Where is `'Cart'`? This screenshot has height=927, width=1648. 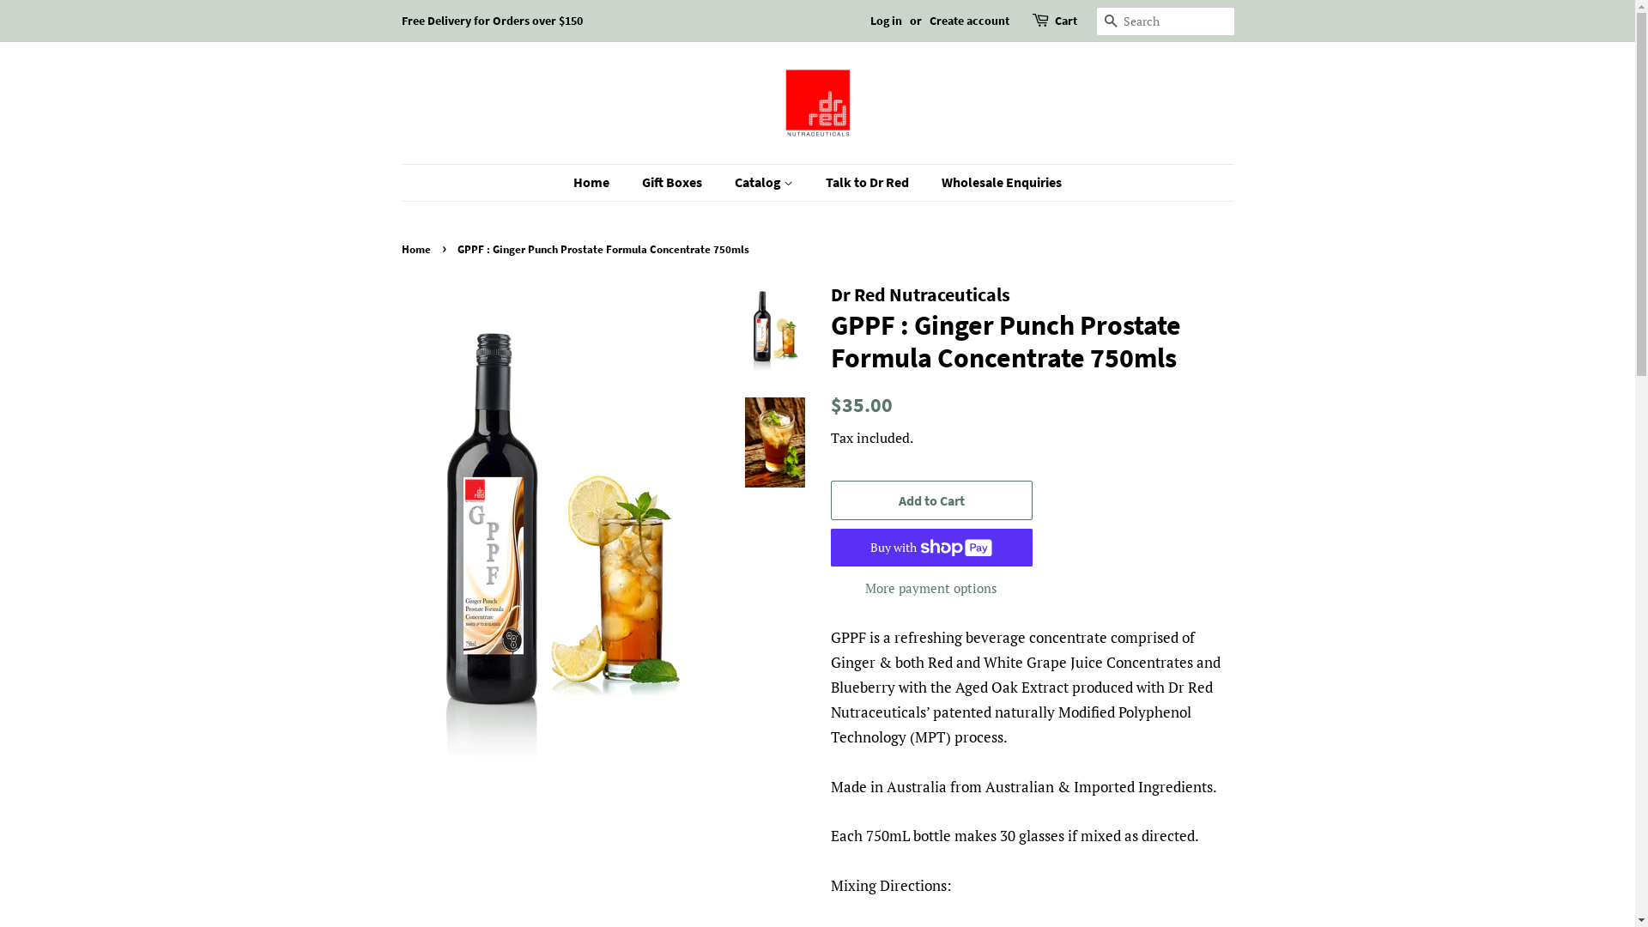
'Cart' is located at coordinates (1053, 21).